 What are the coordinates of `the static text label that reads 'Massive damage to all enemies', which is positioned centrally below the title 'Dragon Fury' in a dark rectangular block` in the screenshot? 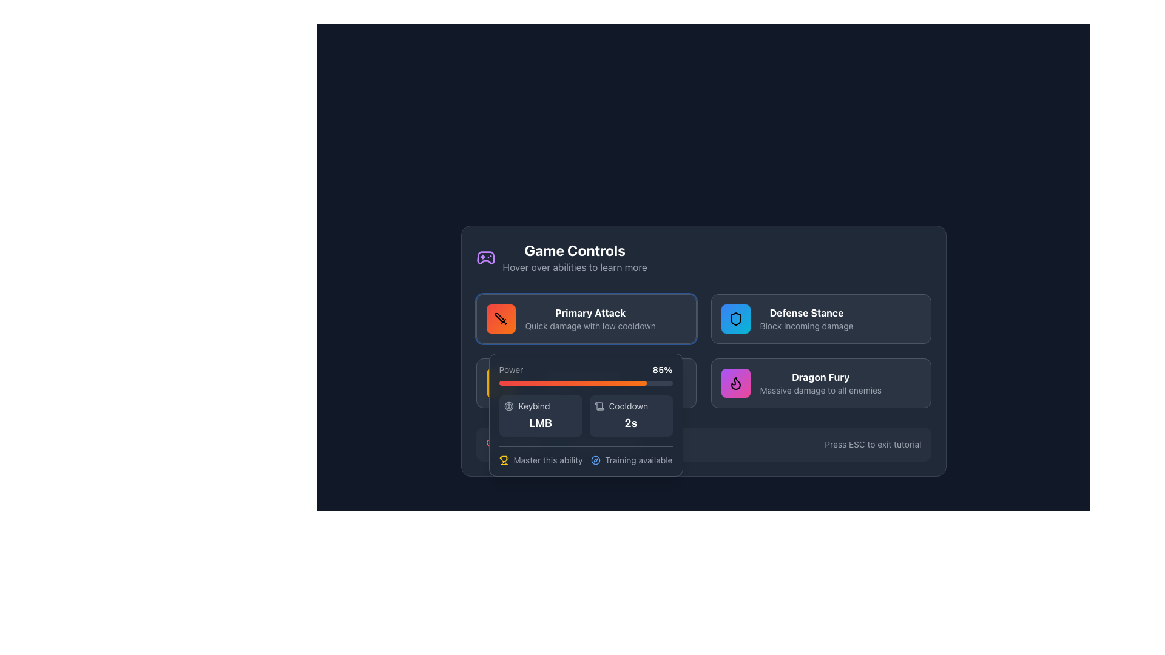 It's located at (820, 391).